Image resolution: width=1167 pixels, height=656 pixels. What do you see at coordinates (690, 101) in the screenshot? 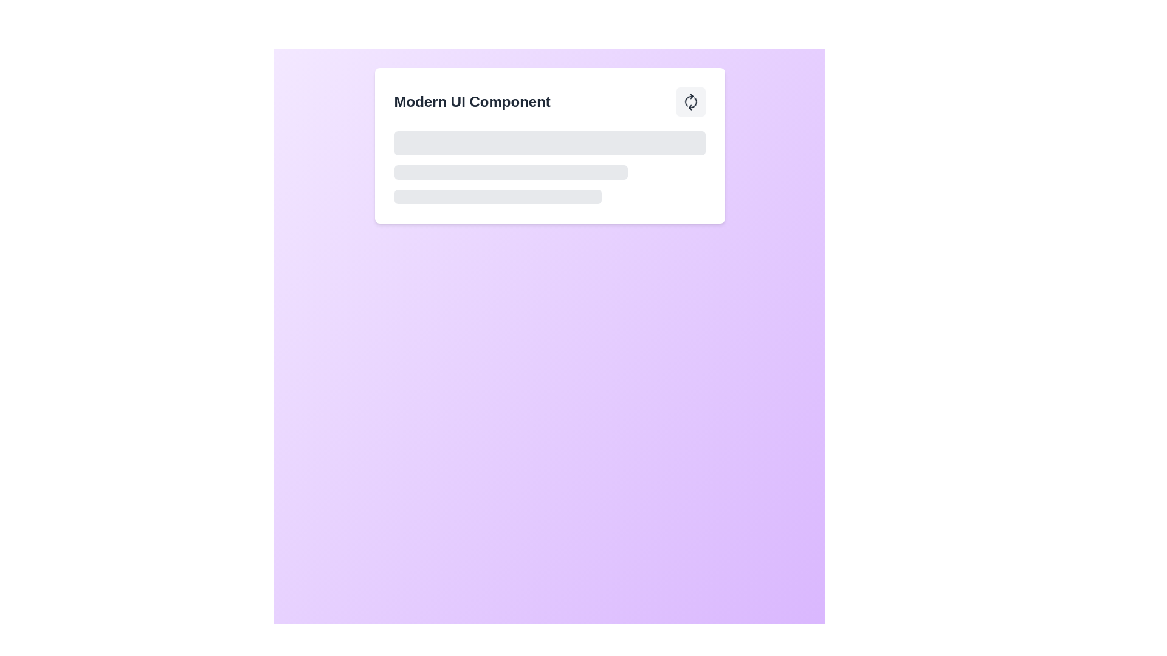
I see `the reload or refresh button located in the top-right region of the 'Modern UI Component'` at bounding box center [690, 101].